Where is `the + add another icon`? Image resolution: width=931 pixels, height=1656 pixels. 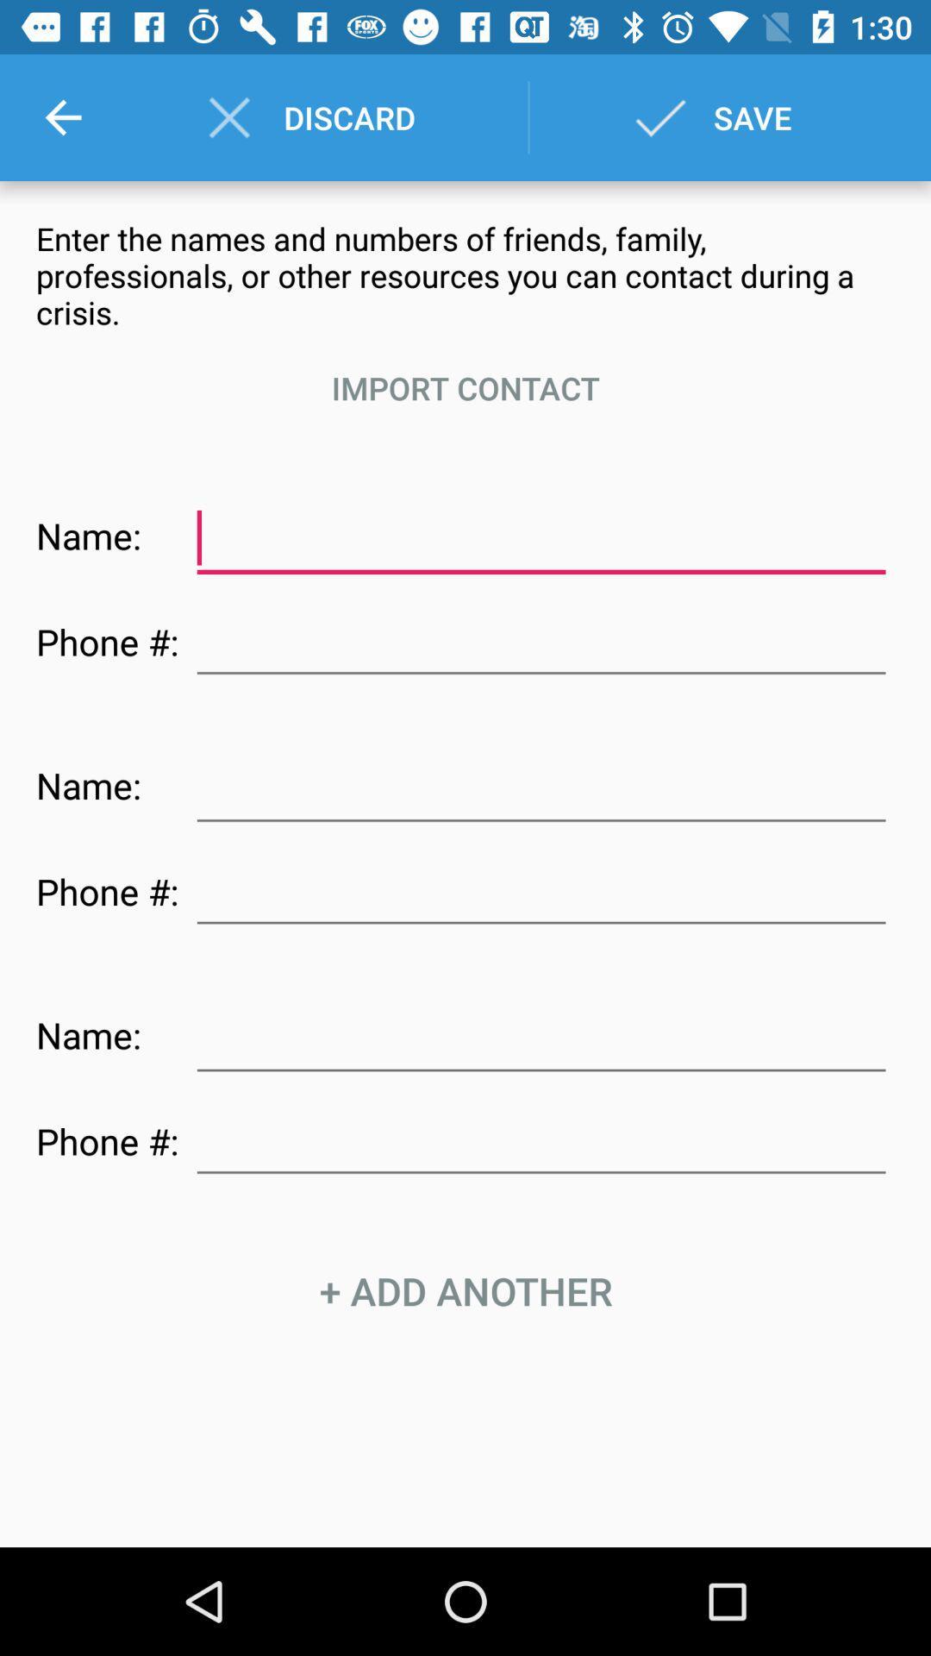 the + add another icon is located at coordinates (465, 1291).